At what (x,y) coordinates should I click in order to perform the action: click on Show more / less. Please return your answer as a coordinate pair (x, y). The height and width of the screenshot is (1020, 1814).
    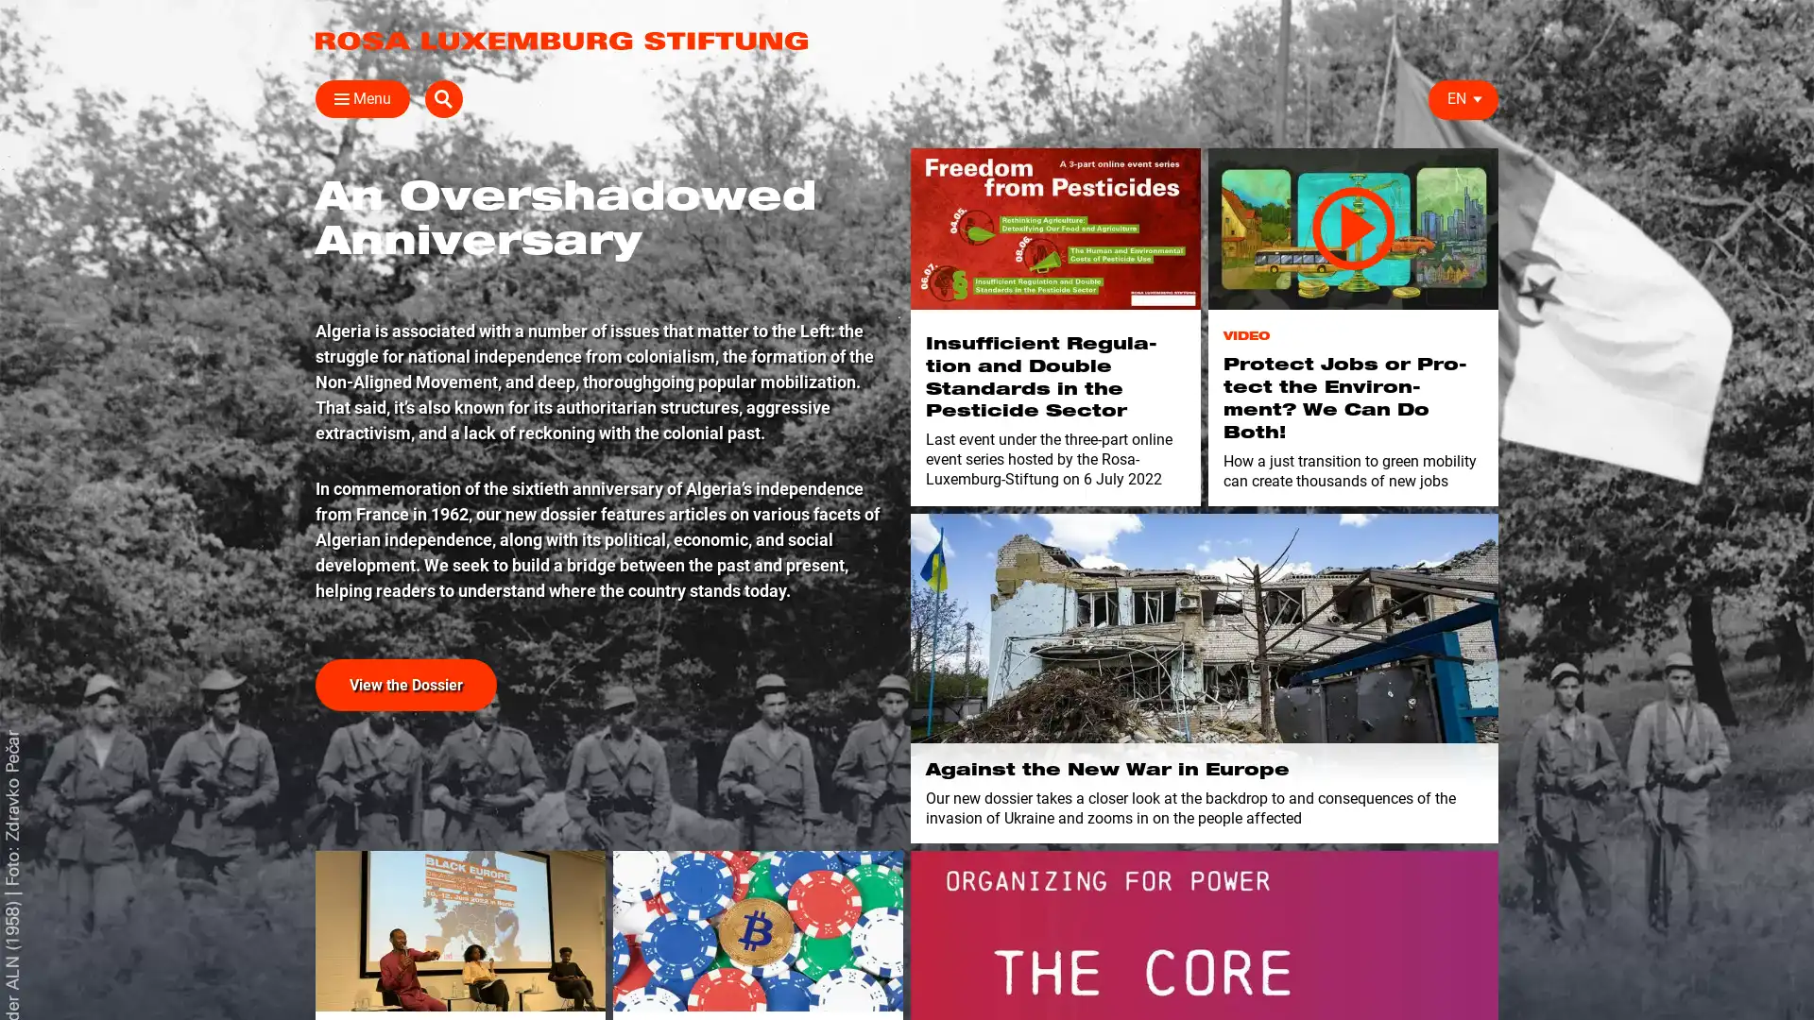
    Looking at the image, I should click on (602, 222).